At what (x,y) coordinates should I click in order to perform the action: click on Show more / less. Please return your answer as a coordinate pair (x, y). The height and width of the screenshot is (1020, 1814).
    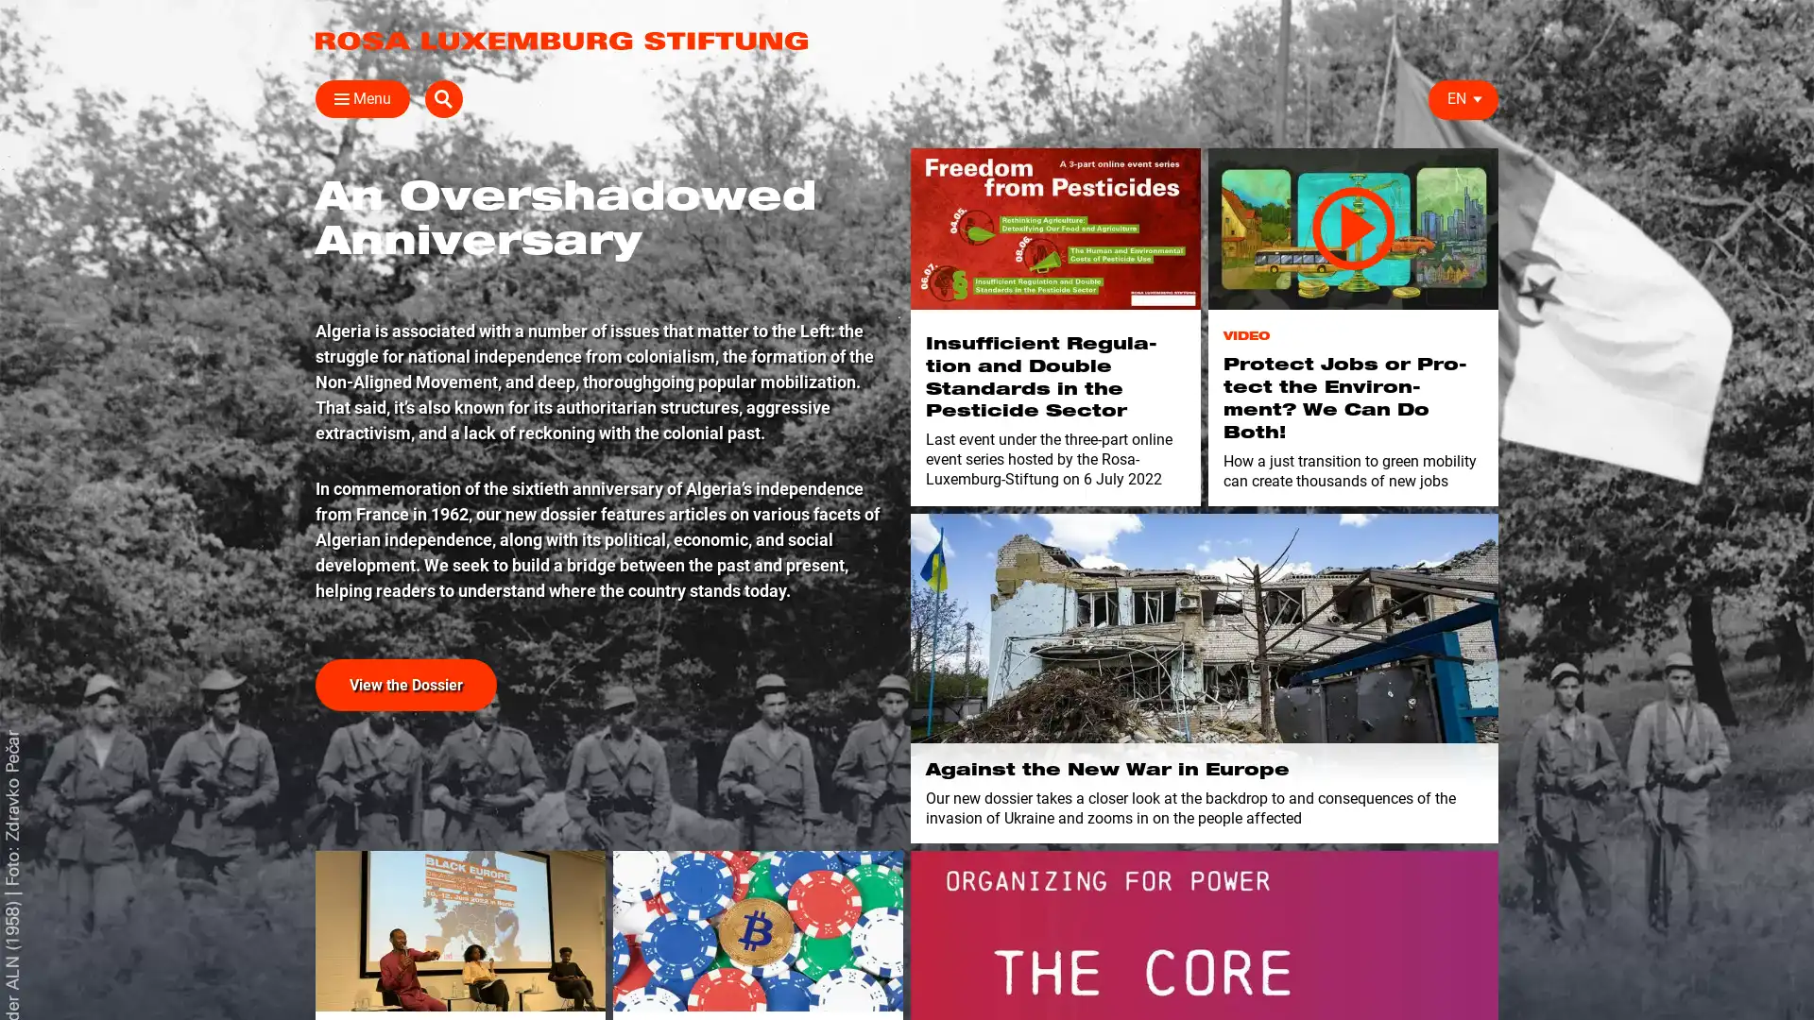
    Looking at the image, I should click on (602, 222).